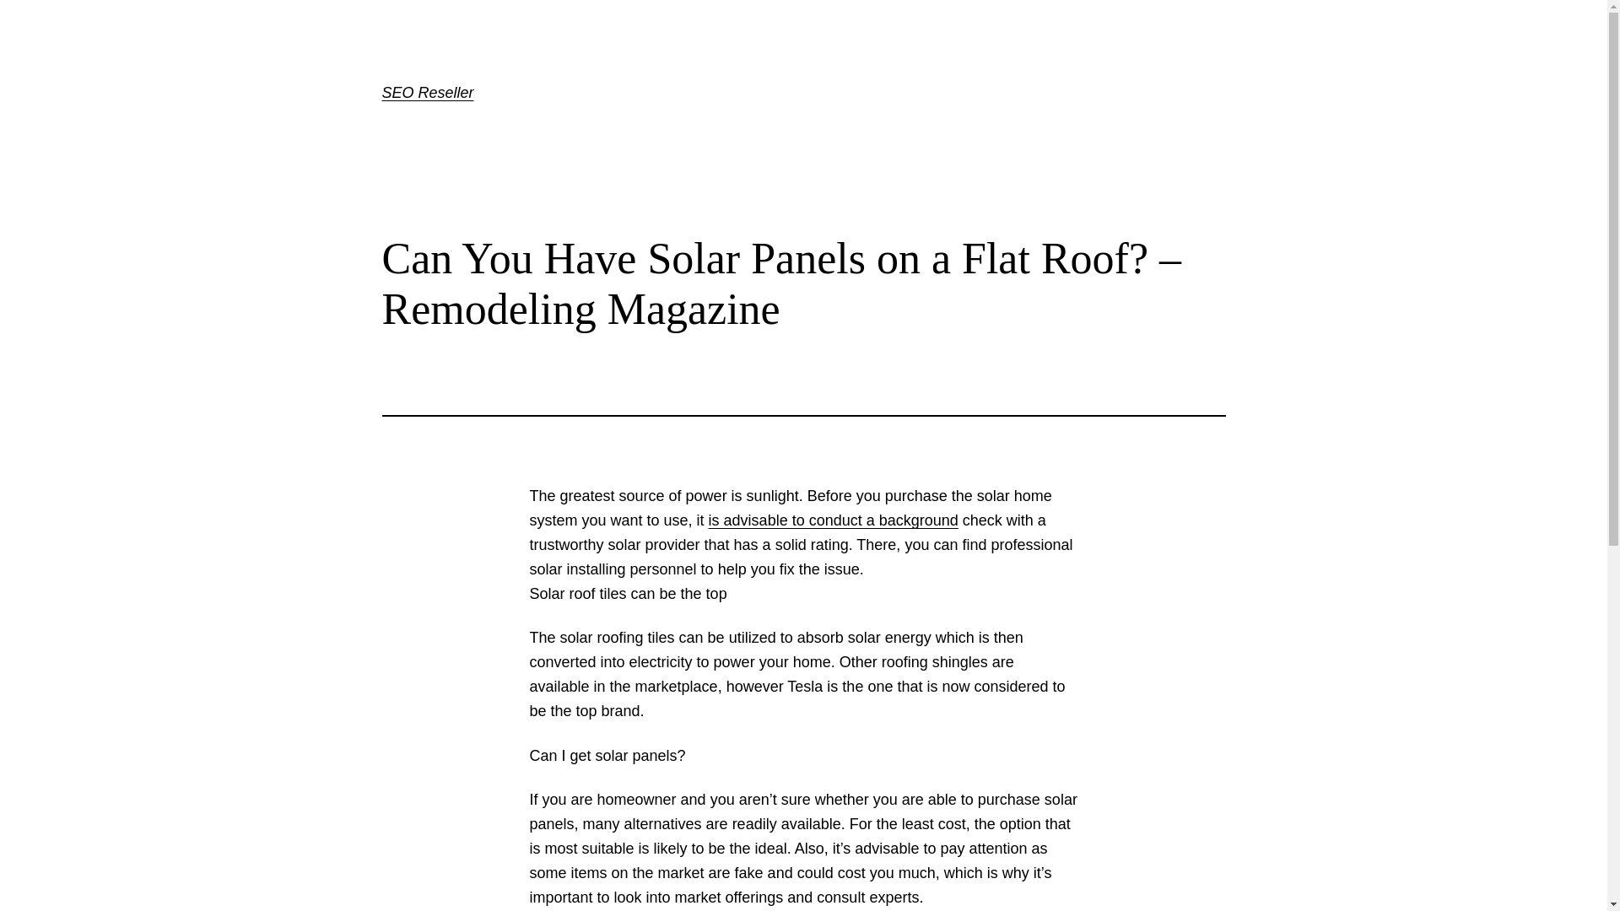 This screenshot has height=911, width=1620. I want to click on 'SEO Reseller', so click(427, 93).